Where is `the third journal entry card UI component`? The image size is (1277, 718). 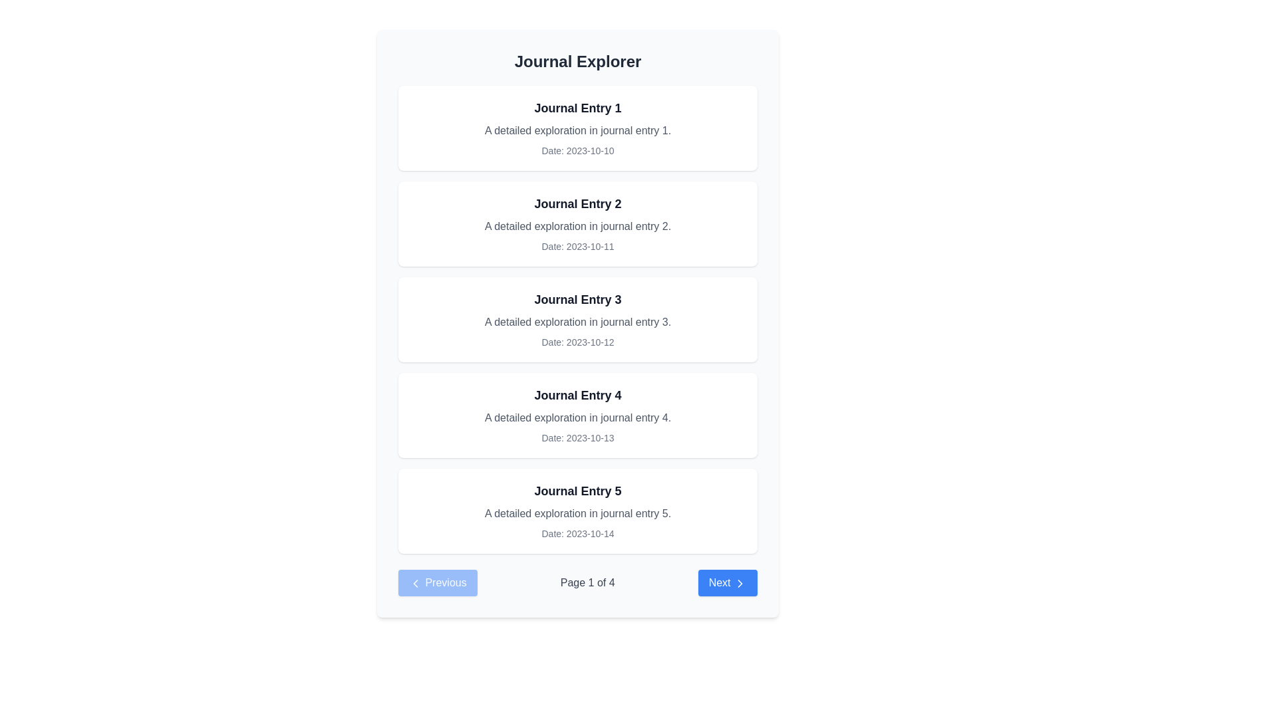
the third journal entry card UI component is located at coordinates (577, 320).